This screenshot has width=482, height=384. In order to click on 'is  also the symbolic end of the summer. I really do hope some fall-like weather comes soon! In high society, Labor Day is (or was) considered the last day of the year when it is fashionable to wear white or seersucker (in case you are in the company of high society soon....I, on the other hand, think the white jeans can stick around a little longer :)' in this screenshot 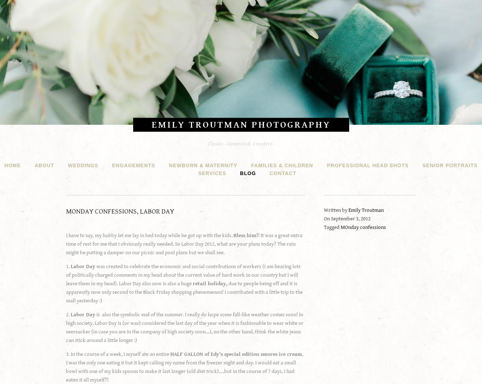, I will do `click(184, 327)`.